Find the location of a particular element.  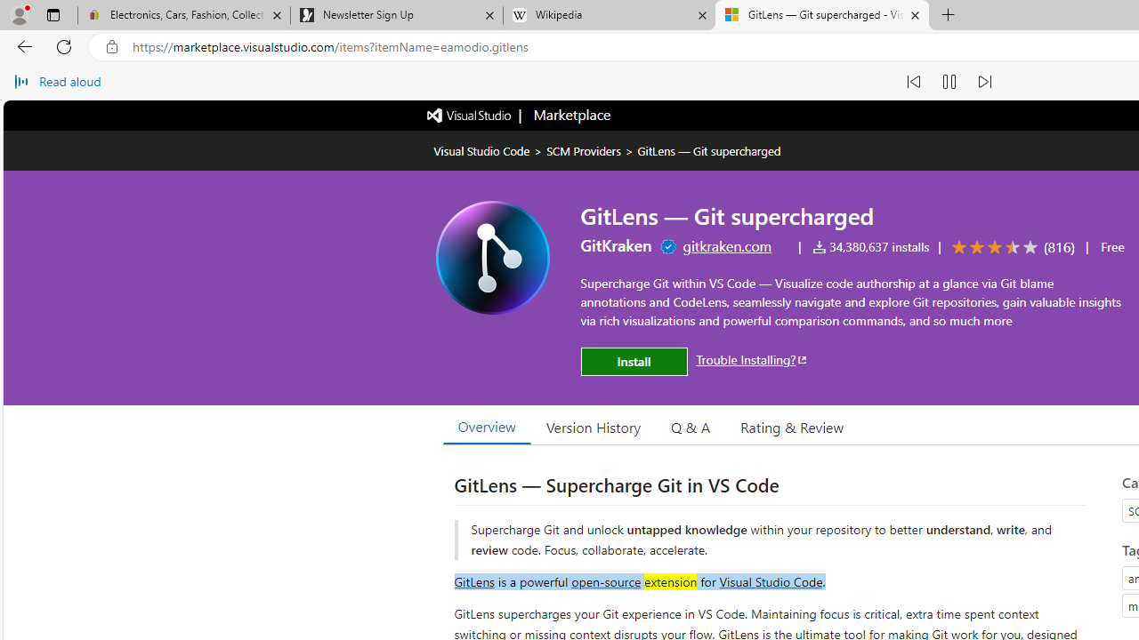

'Install' is located at coordinates (634, 361).